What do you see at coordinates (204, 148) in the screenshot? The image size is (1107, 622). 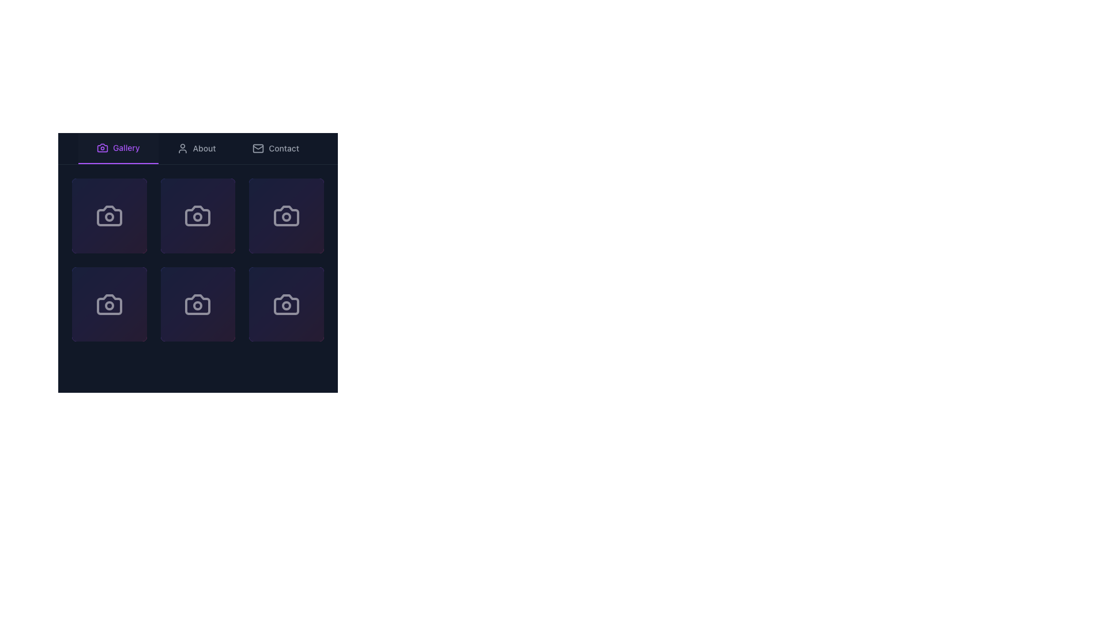 I see `the 'About' text label in the horizontal navigation menu` at bounding box center [204, 148].